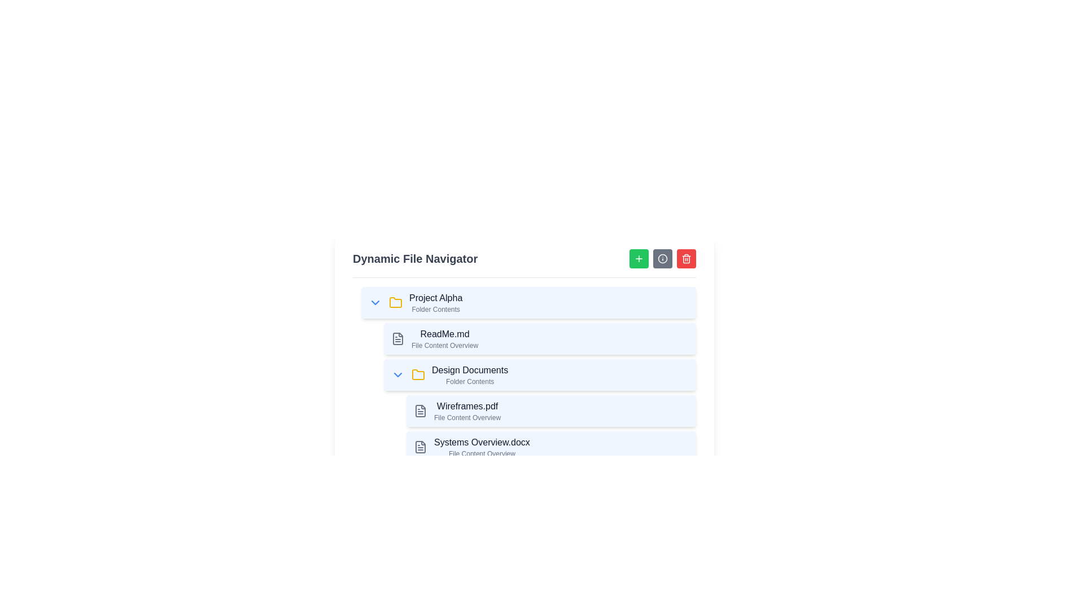  What do you see at coordinates (395, 302) in the screenshot?
I see `the folder icon representing 'Project Alpha'` at bounding box center [395, 302].